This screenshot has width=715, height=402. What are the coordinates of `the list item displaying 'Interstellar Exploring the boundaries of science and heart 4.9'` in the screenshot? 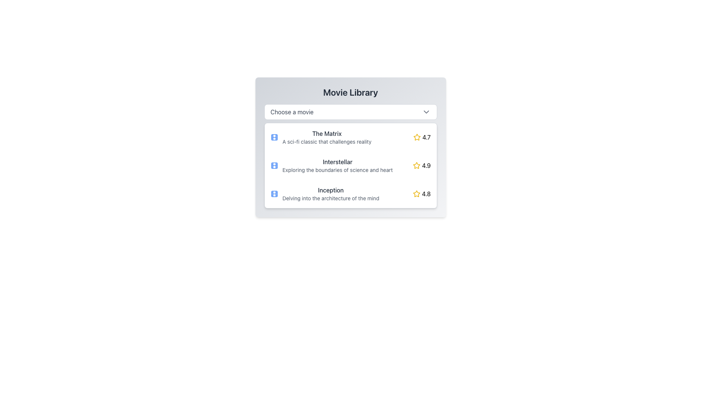 It's located at (350, 165).